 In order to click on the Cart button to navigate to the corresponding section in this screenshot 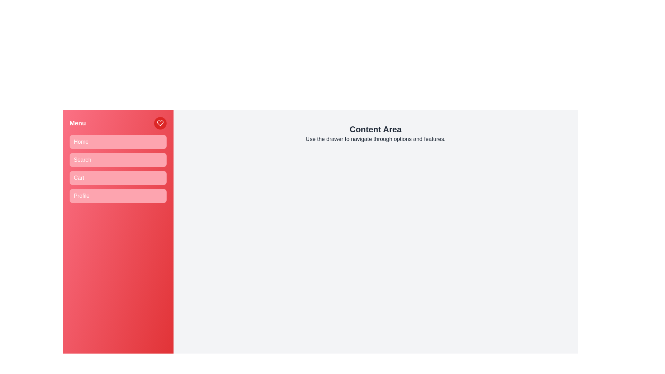, I will do `click(118, 177)`.